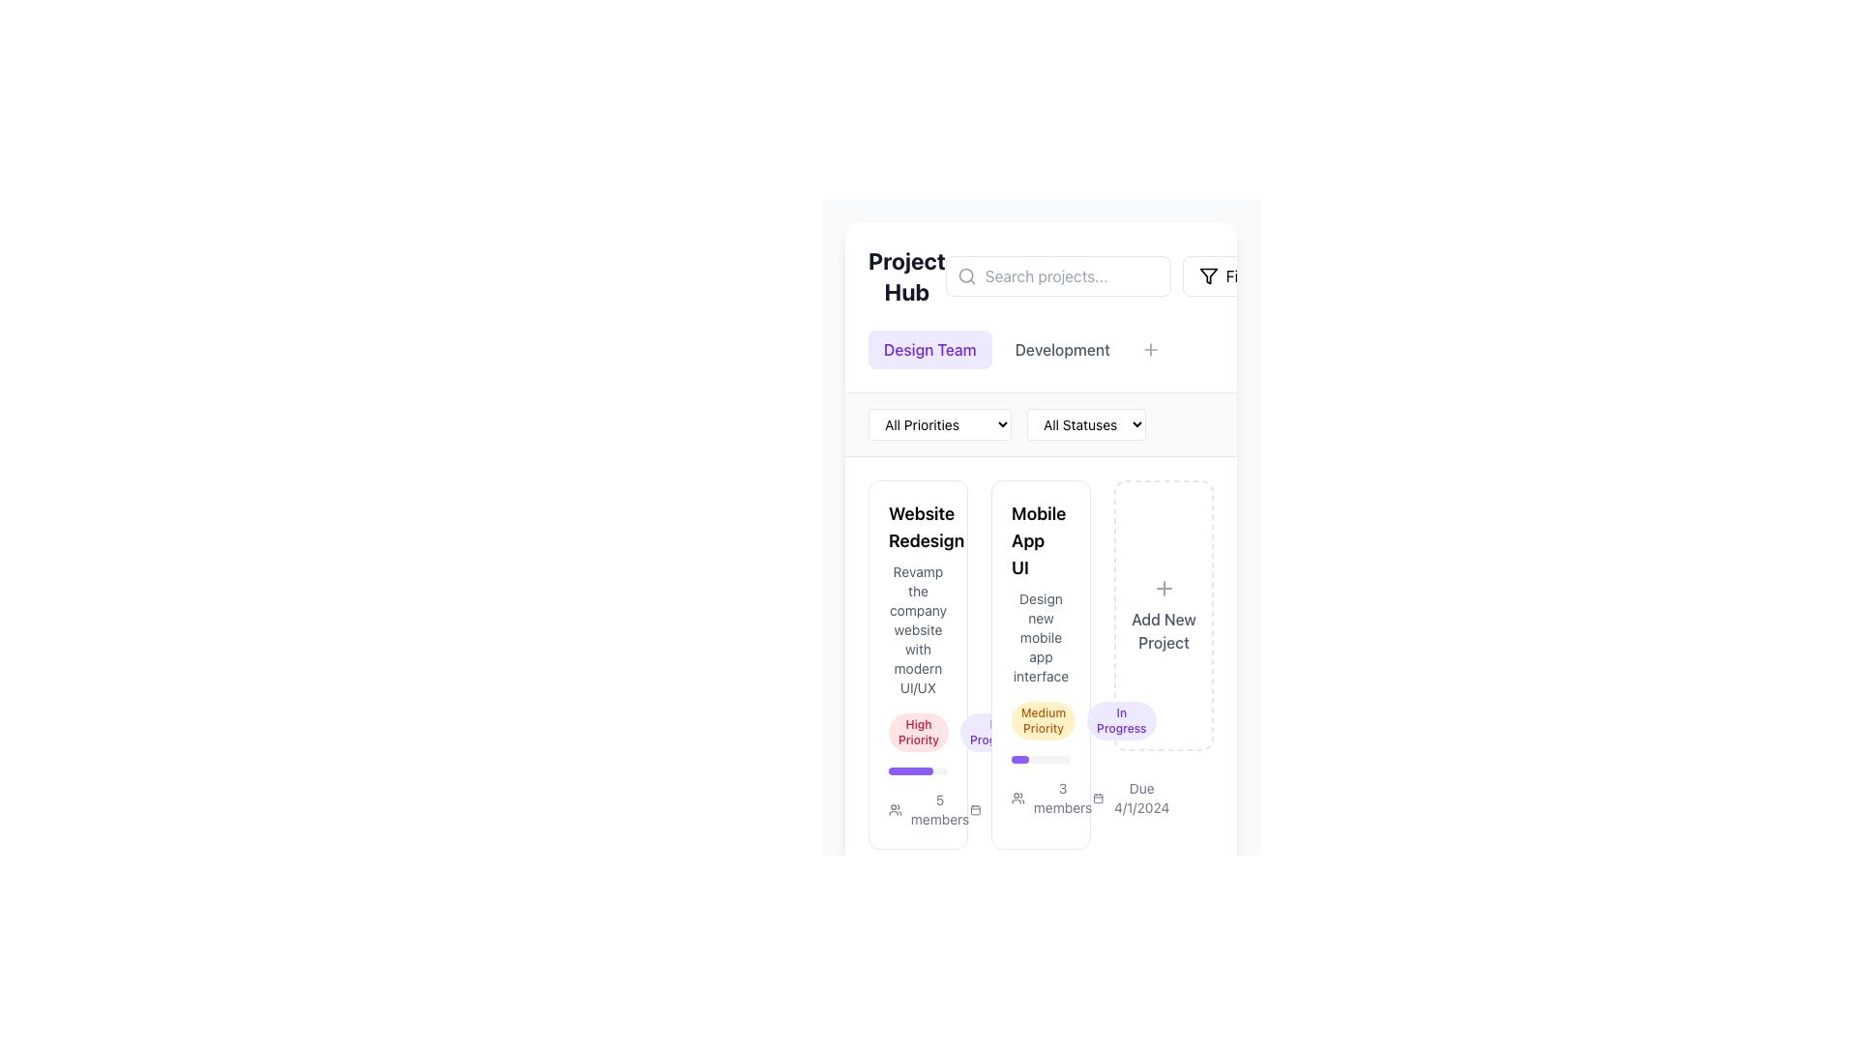 The image size is (1857, 1044). I want to click on the content of the priority indicator badge located in the leftmost card, positioned above the progress bar and the '5 members' label, so click(918, 733).